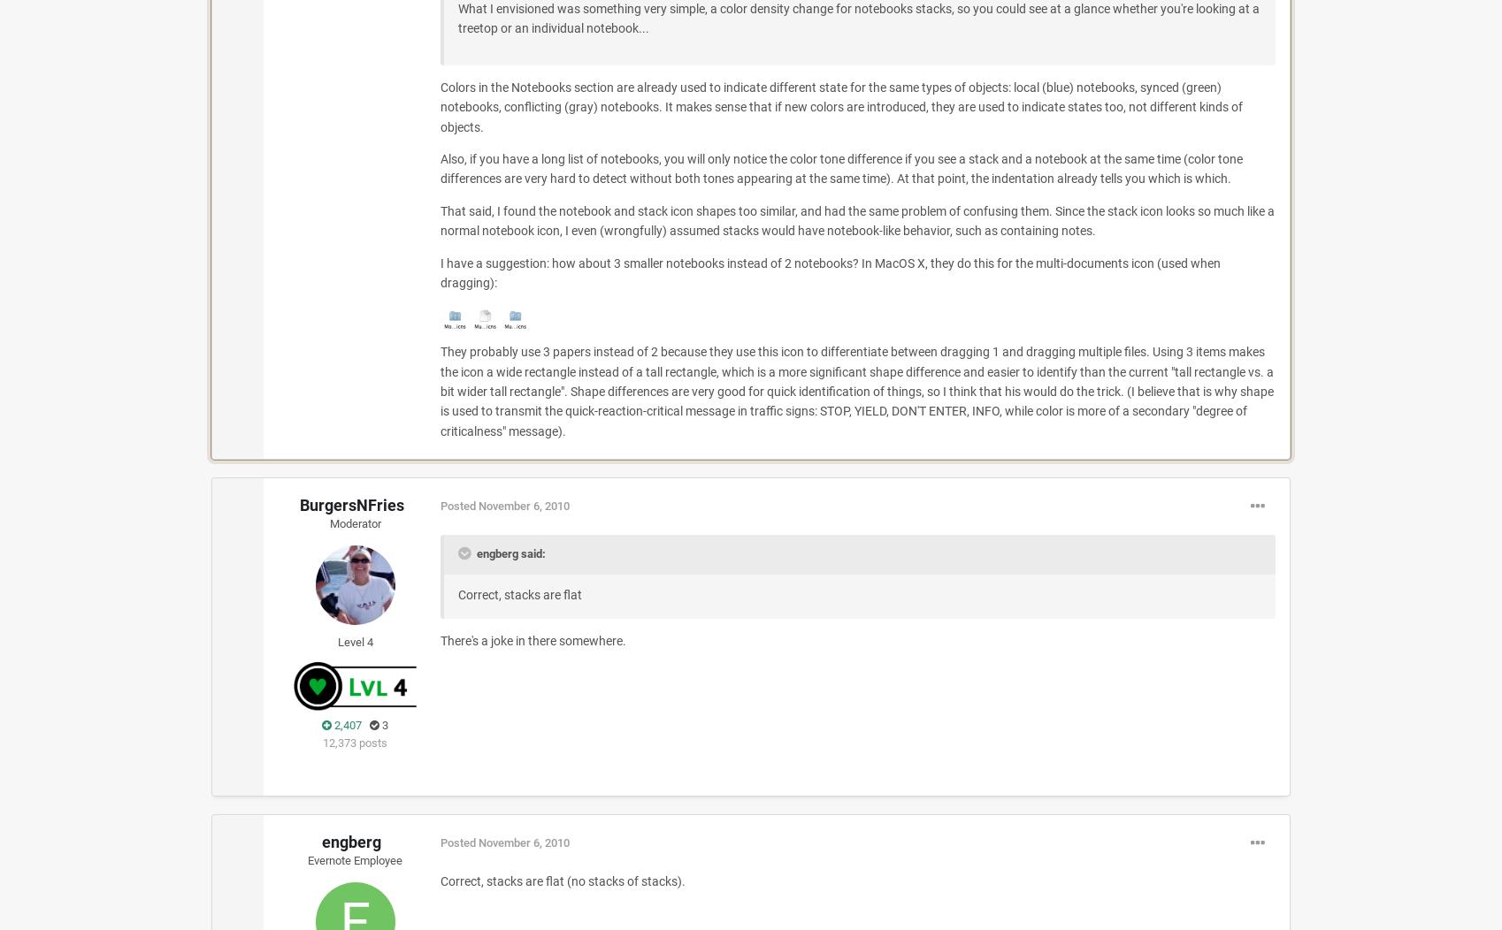 The image size is (1502, 930). I want to click on 'Level 4', so click(355, 641).